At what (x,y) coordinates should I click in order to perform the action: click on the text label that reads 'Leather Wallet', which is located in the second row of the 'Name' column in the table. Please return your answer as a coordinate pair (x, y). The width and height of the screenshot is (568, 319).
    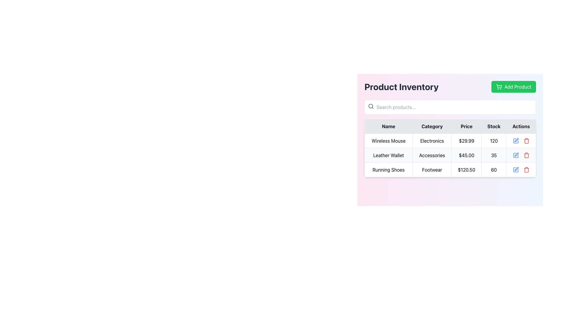
    Looking at the image, I should click on (388, 155).